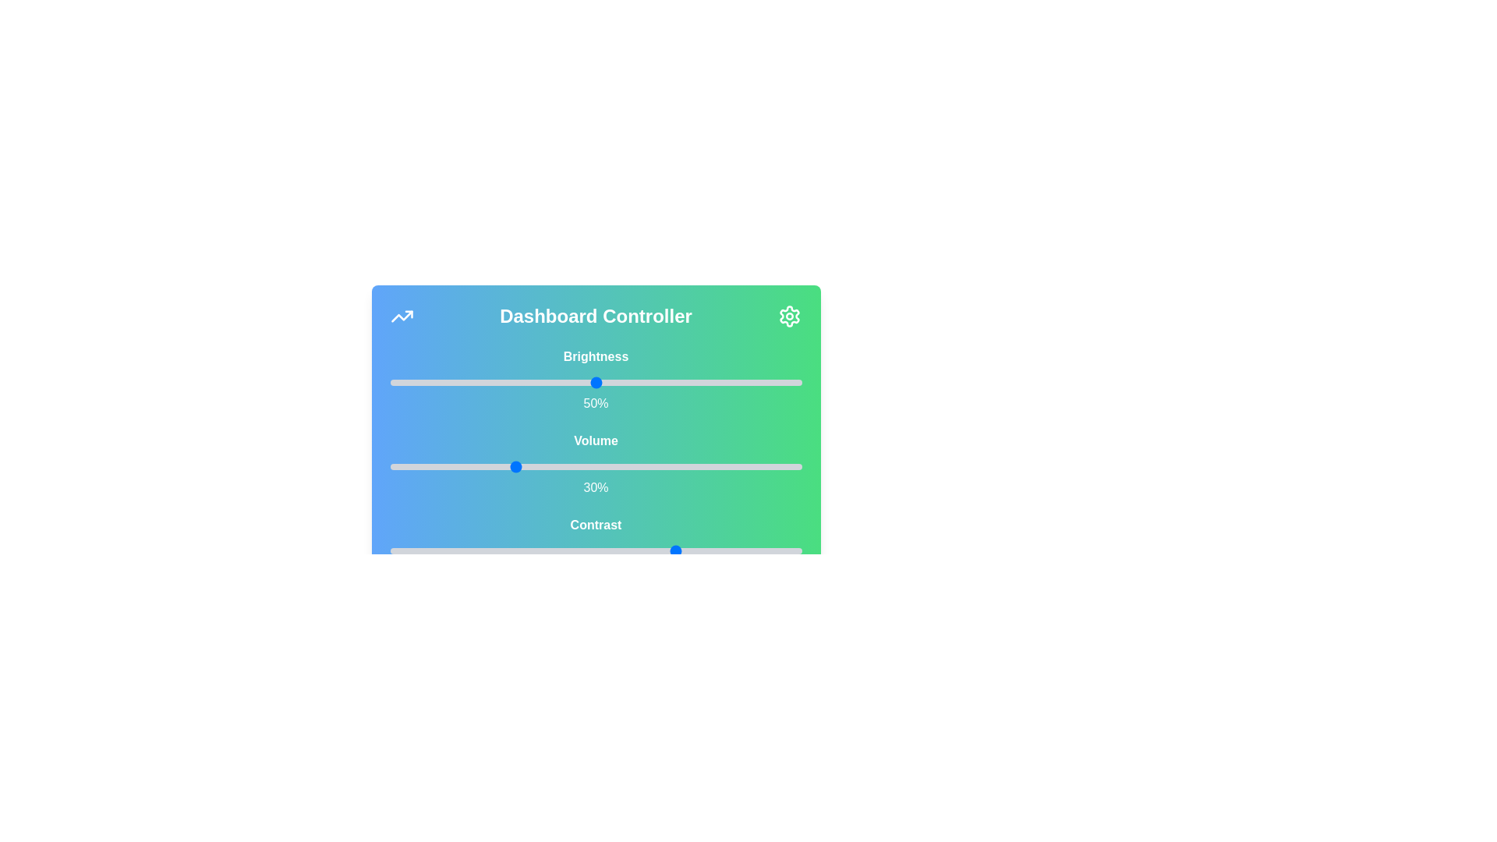 The height and width of the screenshot is (842, 1497). Describe the element at coordinates (438, 382) in the screenshot. I see `the brightness slider to 12%` at that location.